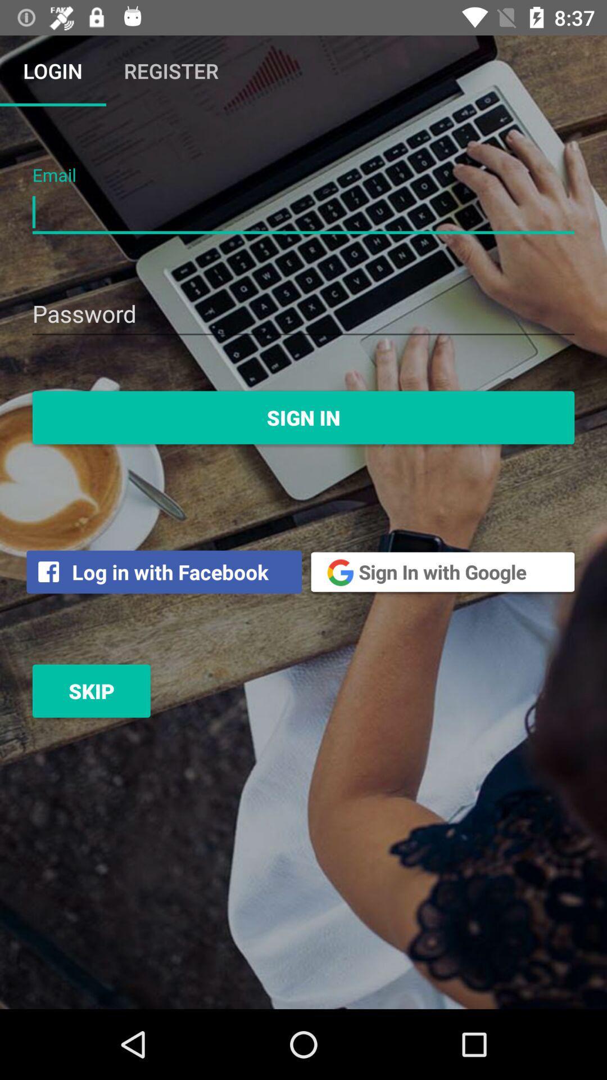 This screenshot has height=1080, width=607. I want to click on password, so click(303, 315).